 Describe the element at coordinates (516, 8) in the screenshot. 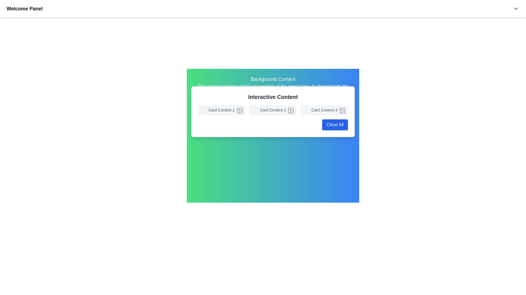

I see `the Interactive icon in the top-right corner of the navigation bar` at that location.